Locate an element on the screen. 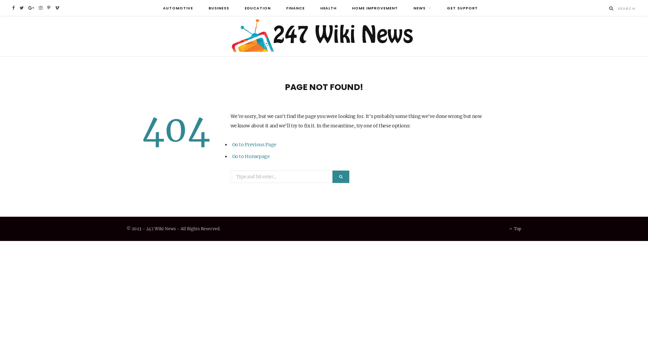 The height and width of the screenshot is (364, 648). 'HEALTH' is located at coordinates (328, 8).